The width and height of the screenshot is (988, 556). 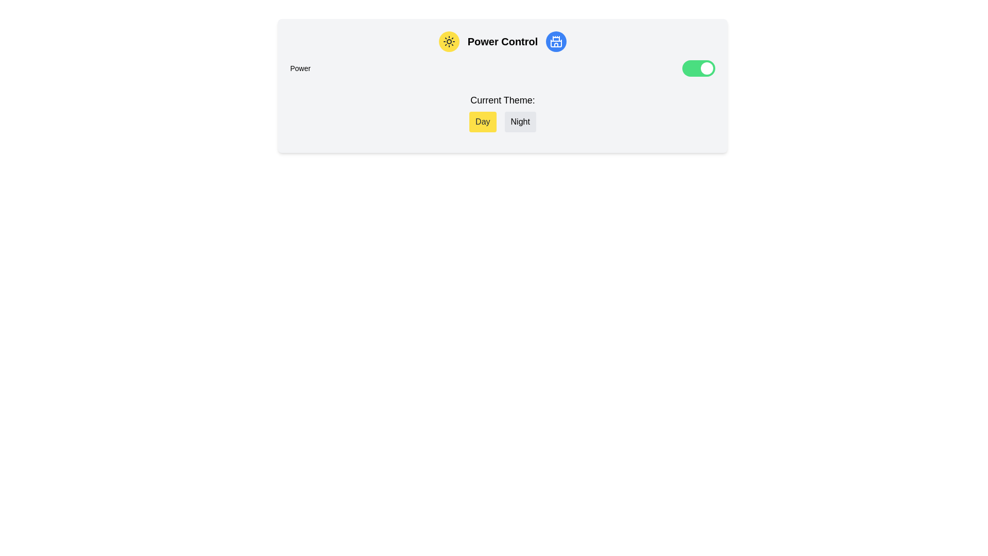 I want to click on the 'Night' button, which is a rectangular button with rounded corners and a light gray background, containing the text 'Night' in black font, so click(x=520, y=121).